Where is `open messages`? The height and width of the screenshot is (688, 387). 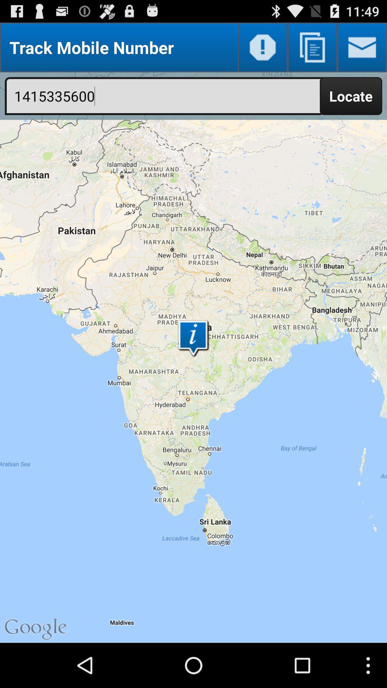
open messages is located at coordinates (362, 47).